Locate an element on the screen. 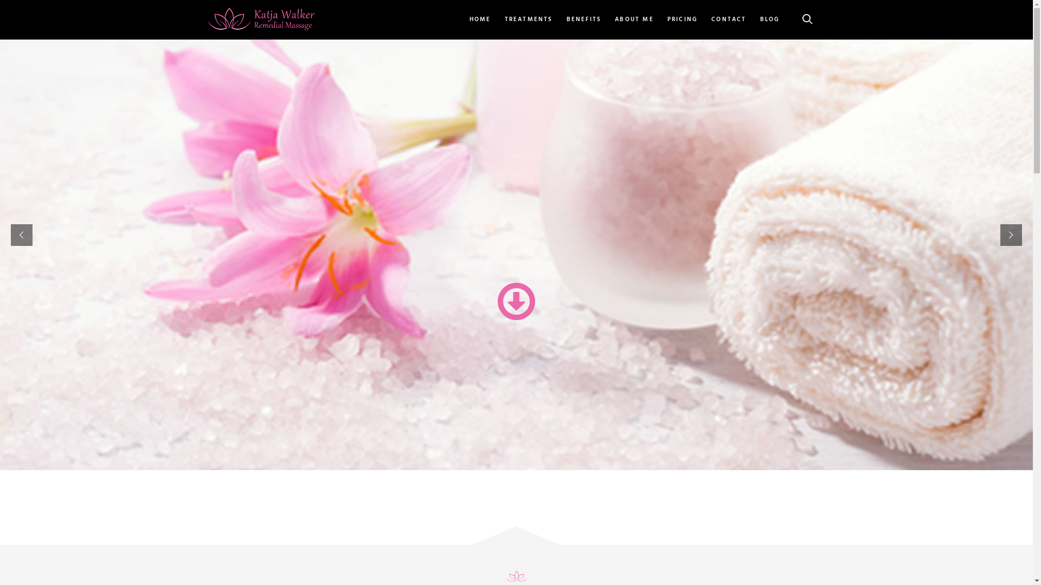 The width and height of the screenshot is (1041, 585). 'PRICING' is located at coordinates (682, 19).